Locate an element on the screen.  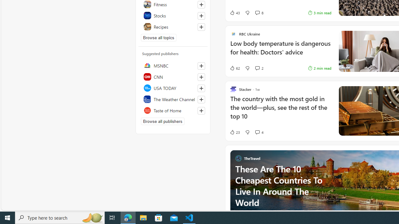
'CNN' is located at coordinates (173, 76).